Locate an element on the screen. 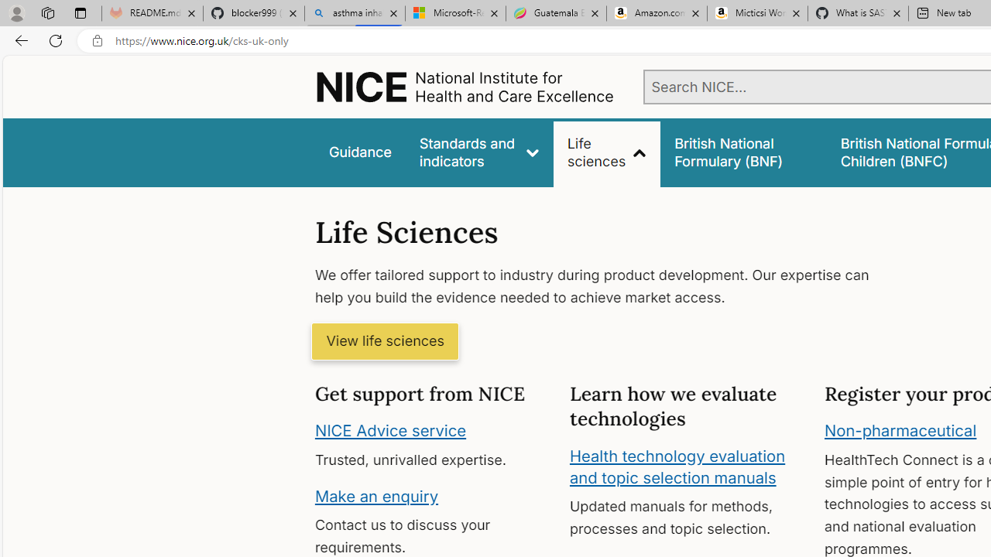 This screenshot has width=991, height=557. 'asthma inhaler - Search' is located at coordinates (354, 13).